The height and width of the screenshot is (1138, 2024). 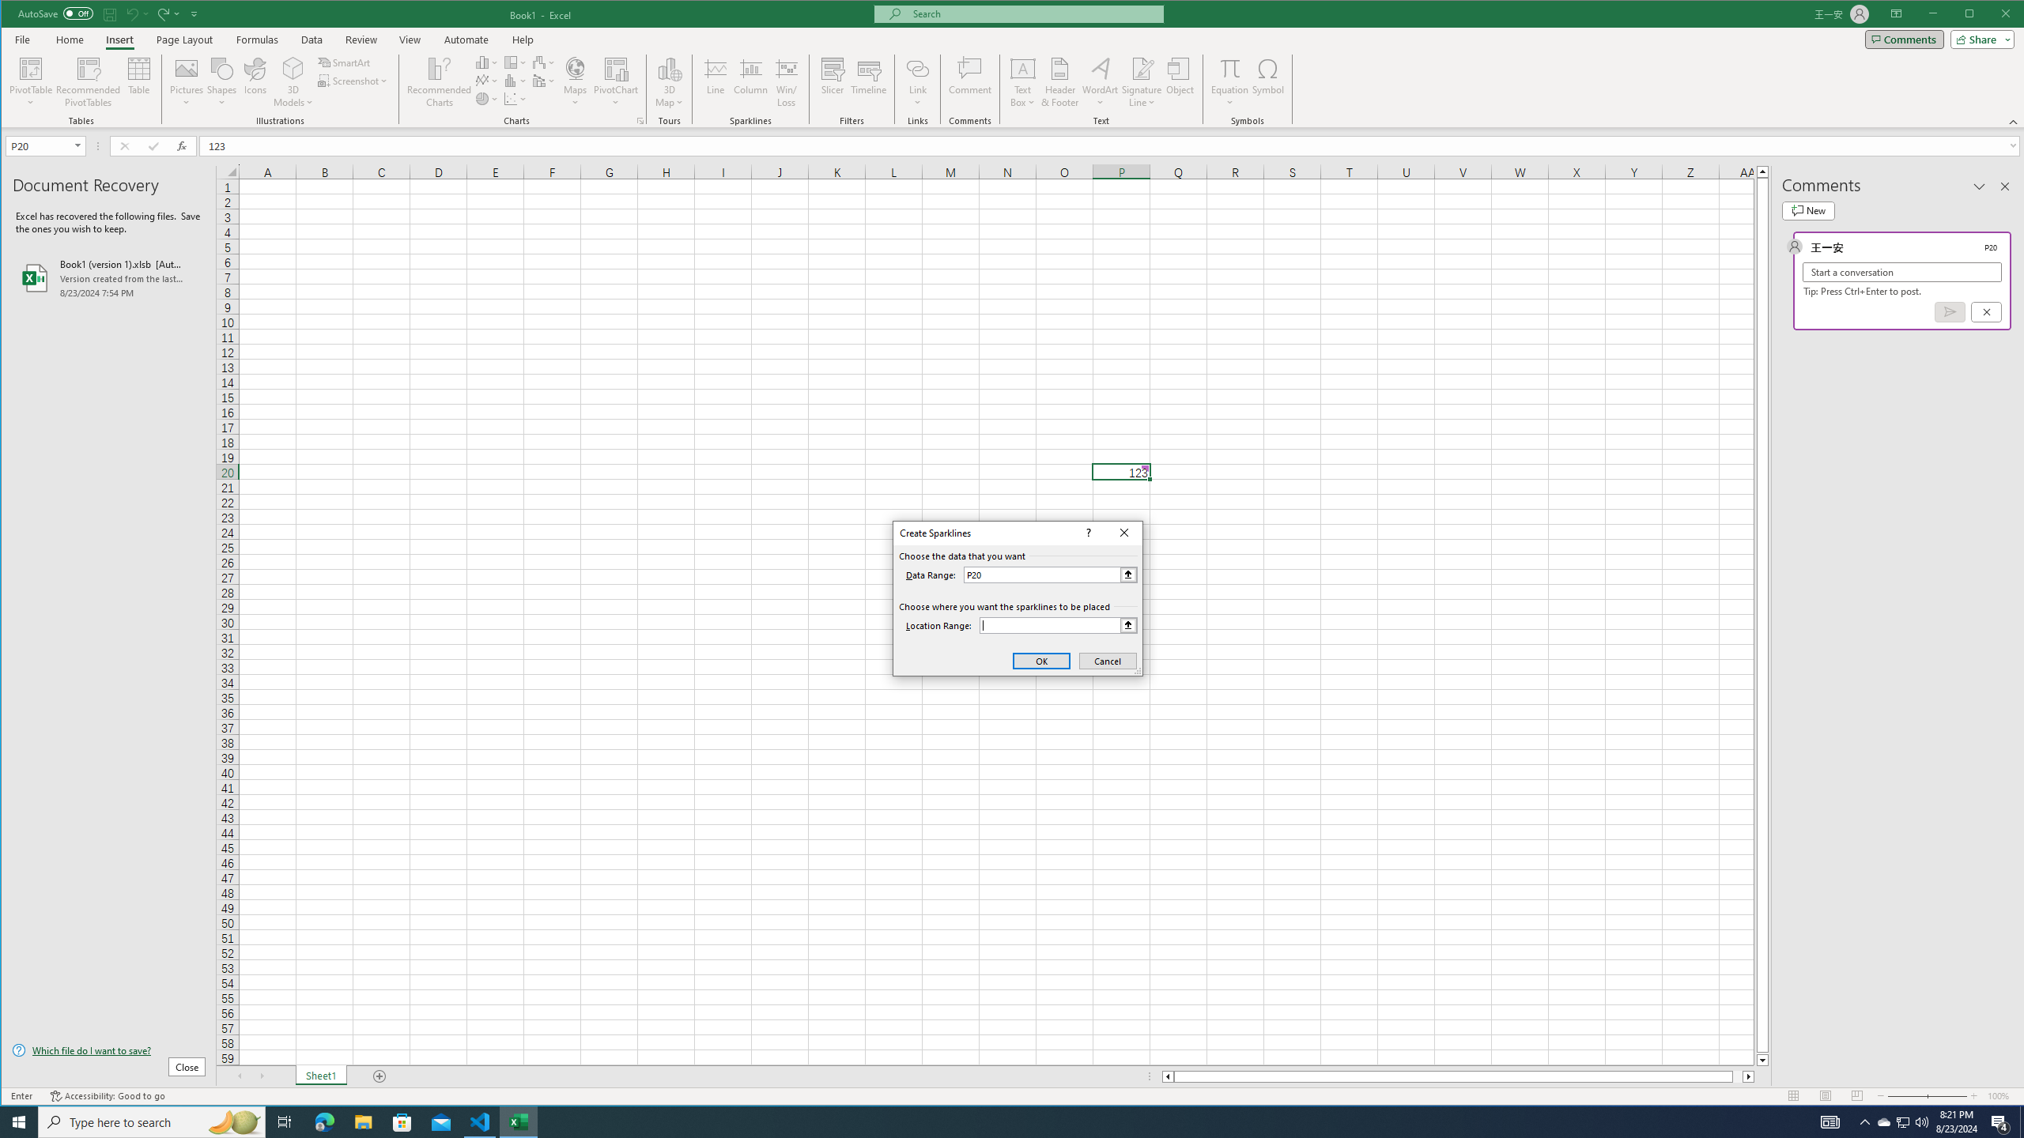 What do you see at coordinates (544, 81) in the screenshot?
I see `'Insert Combo Chart'` at bounding box center [544, 81].